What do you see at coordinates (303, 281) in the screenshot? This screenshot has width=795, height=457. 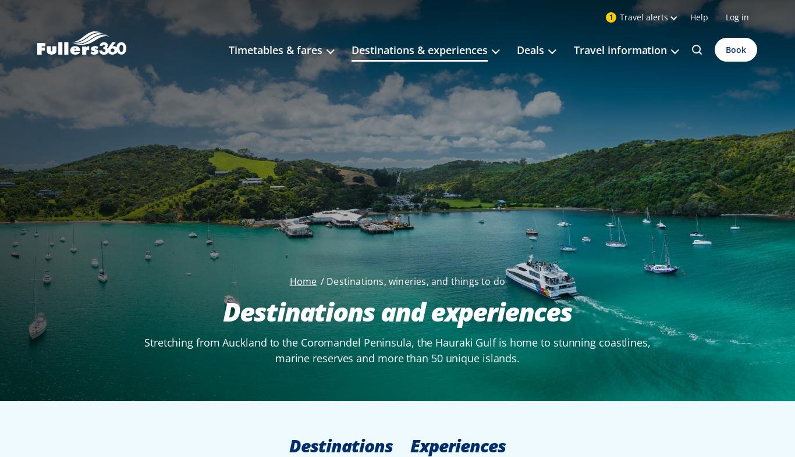 I see `'Home'` at bounding box center [303, 281].